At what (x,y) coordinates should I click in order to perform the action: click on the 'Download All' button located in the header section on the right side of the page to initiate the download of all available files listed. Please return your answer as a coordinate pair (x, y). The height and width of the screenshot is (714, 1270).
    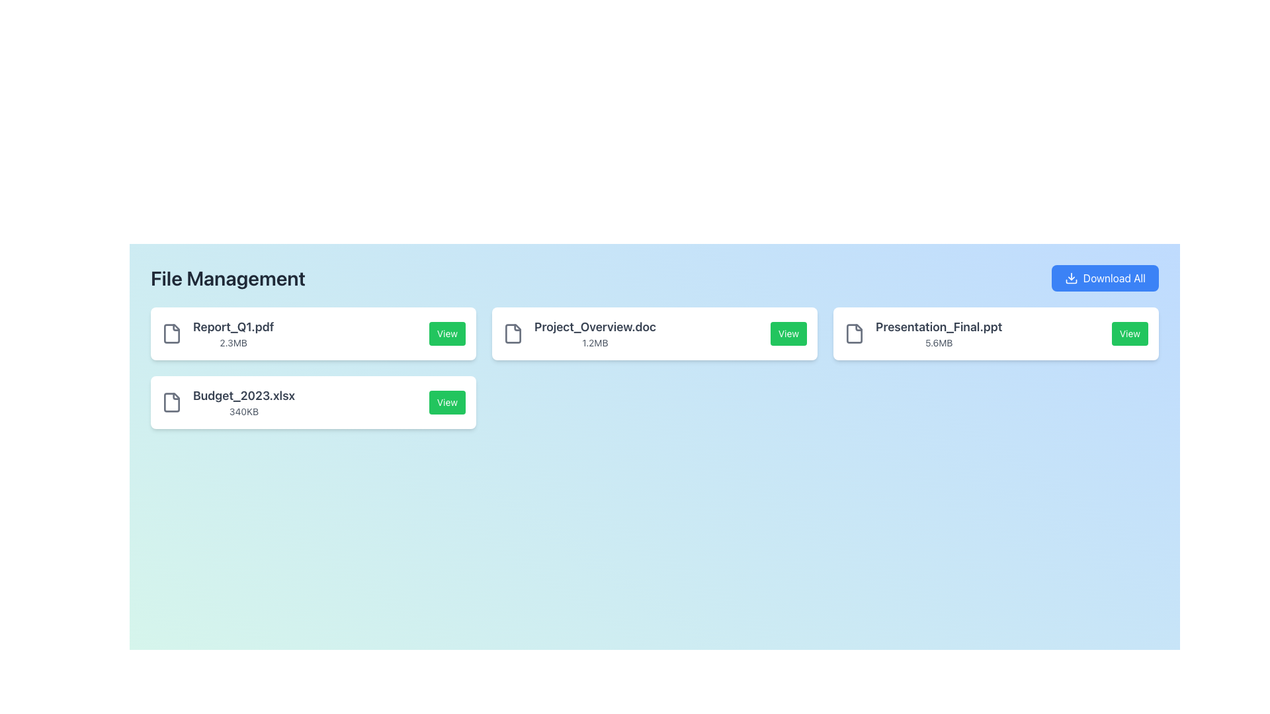
    Looking at the image, I should click on (1105, 277).